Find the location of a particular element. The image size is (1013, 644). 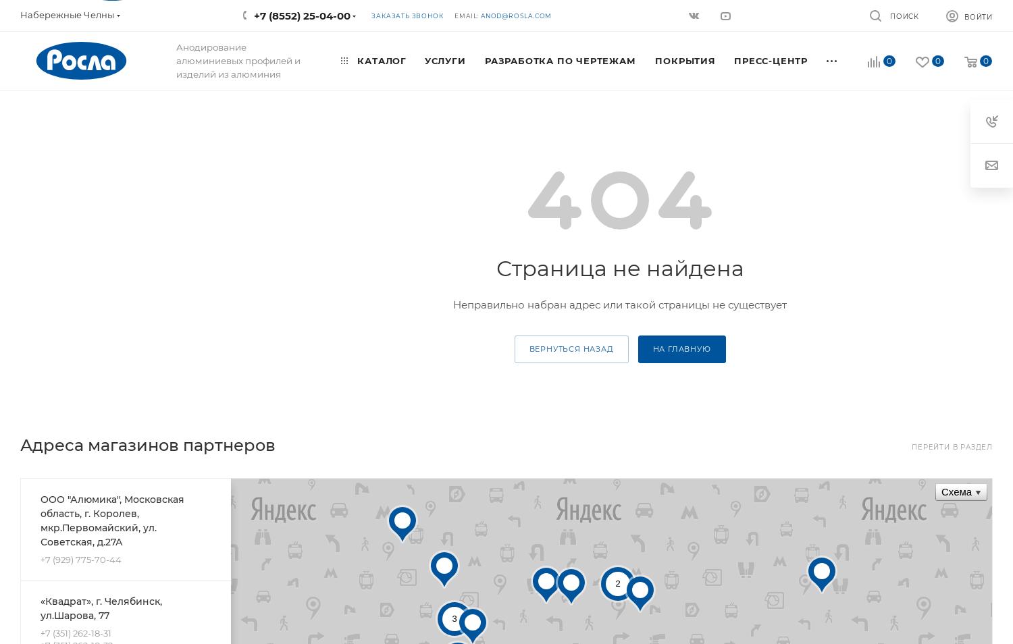

'Системы алюминиевых профилей для изготовления шкафов-купе' is located at coordinates (99, 188).